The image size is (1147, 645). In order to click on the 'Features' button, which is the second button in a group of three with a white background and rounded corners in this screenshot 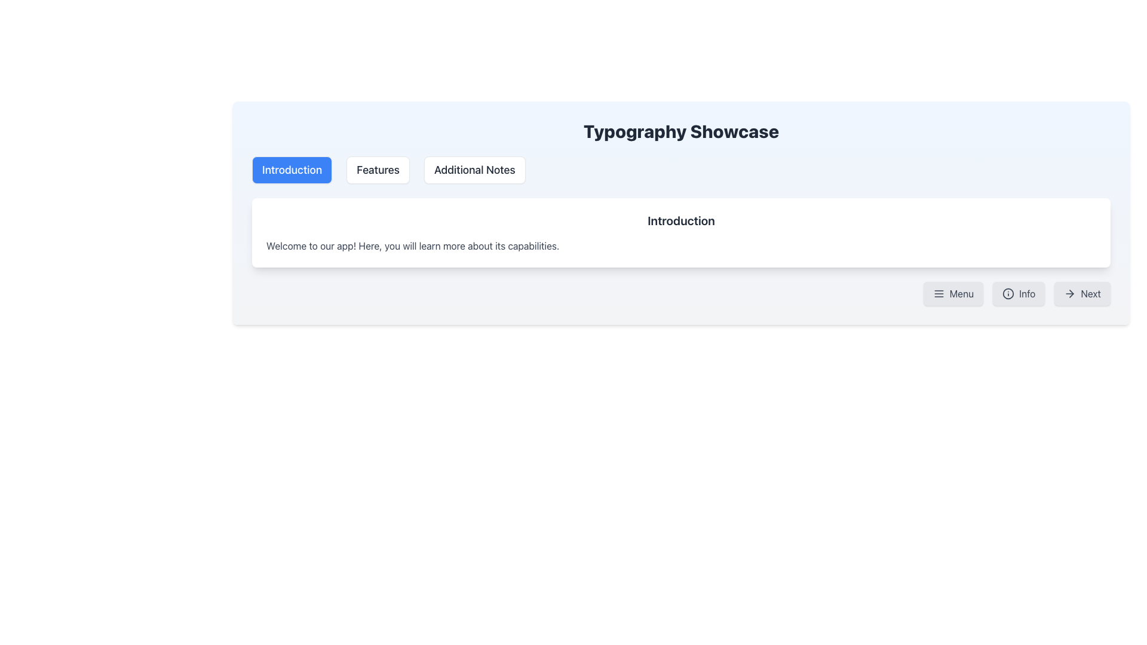, I will do `click(378, 170)`.